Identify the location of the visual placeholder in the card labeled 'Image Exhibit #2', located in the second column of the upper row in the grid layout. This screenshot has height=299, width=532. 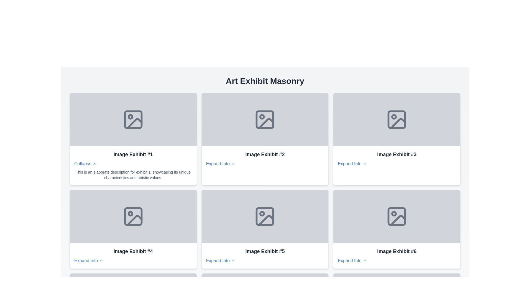
(265, 119).